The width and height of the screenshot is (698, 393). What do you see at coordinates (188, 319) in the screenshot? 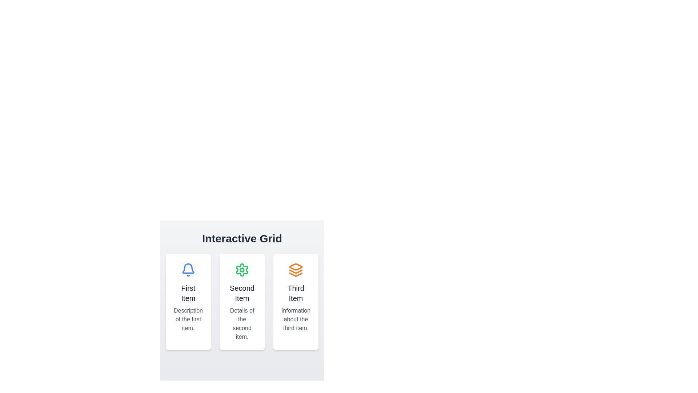
I see `the text label that provides additional information about the 'First Item', located at the bottom of its card` at bounding box center [188, 319].